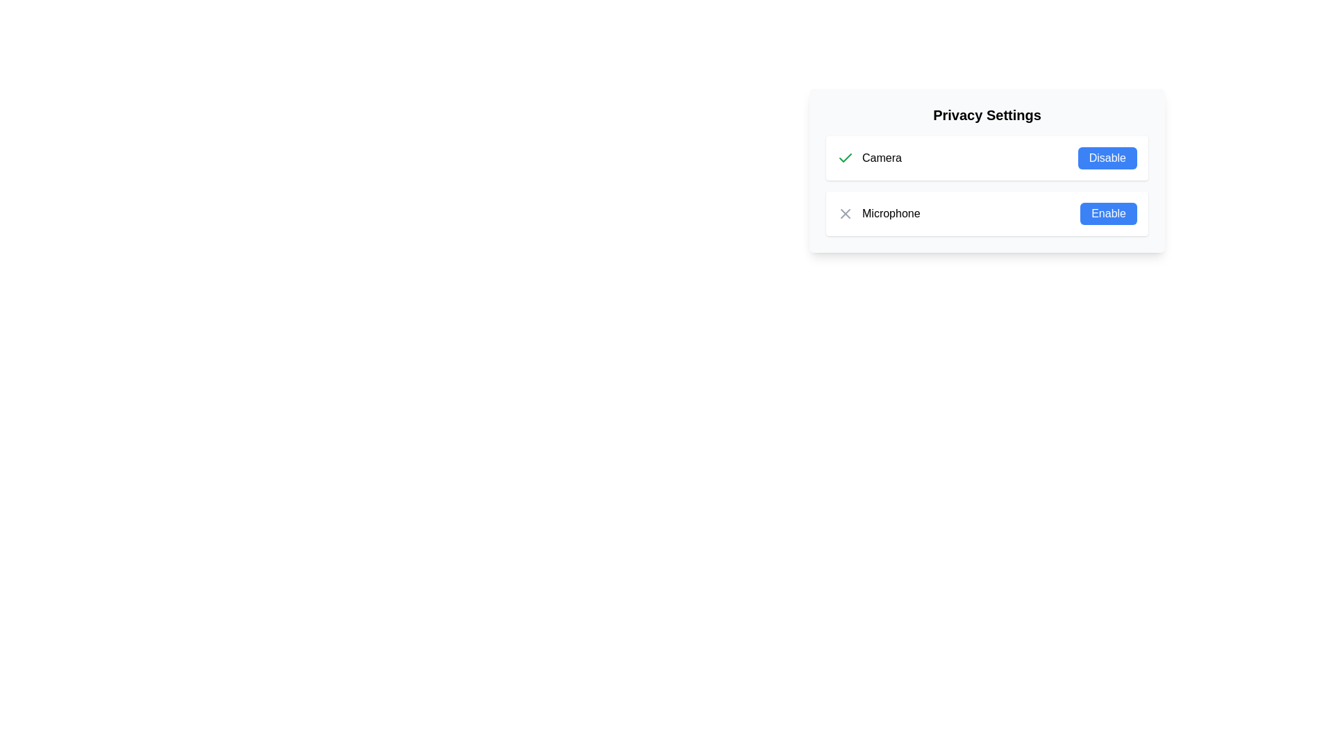 The image size is (1333, 750). What do you see at coordinates (845, 214) in the screenshot?
I see `the microphone icon that indicates a negative or declined state in the Privacy Settings panel` at bounding box center [845, 214].